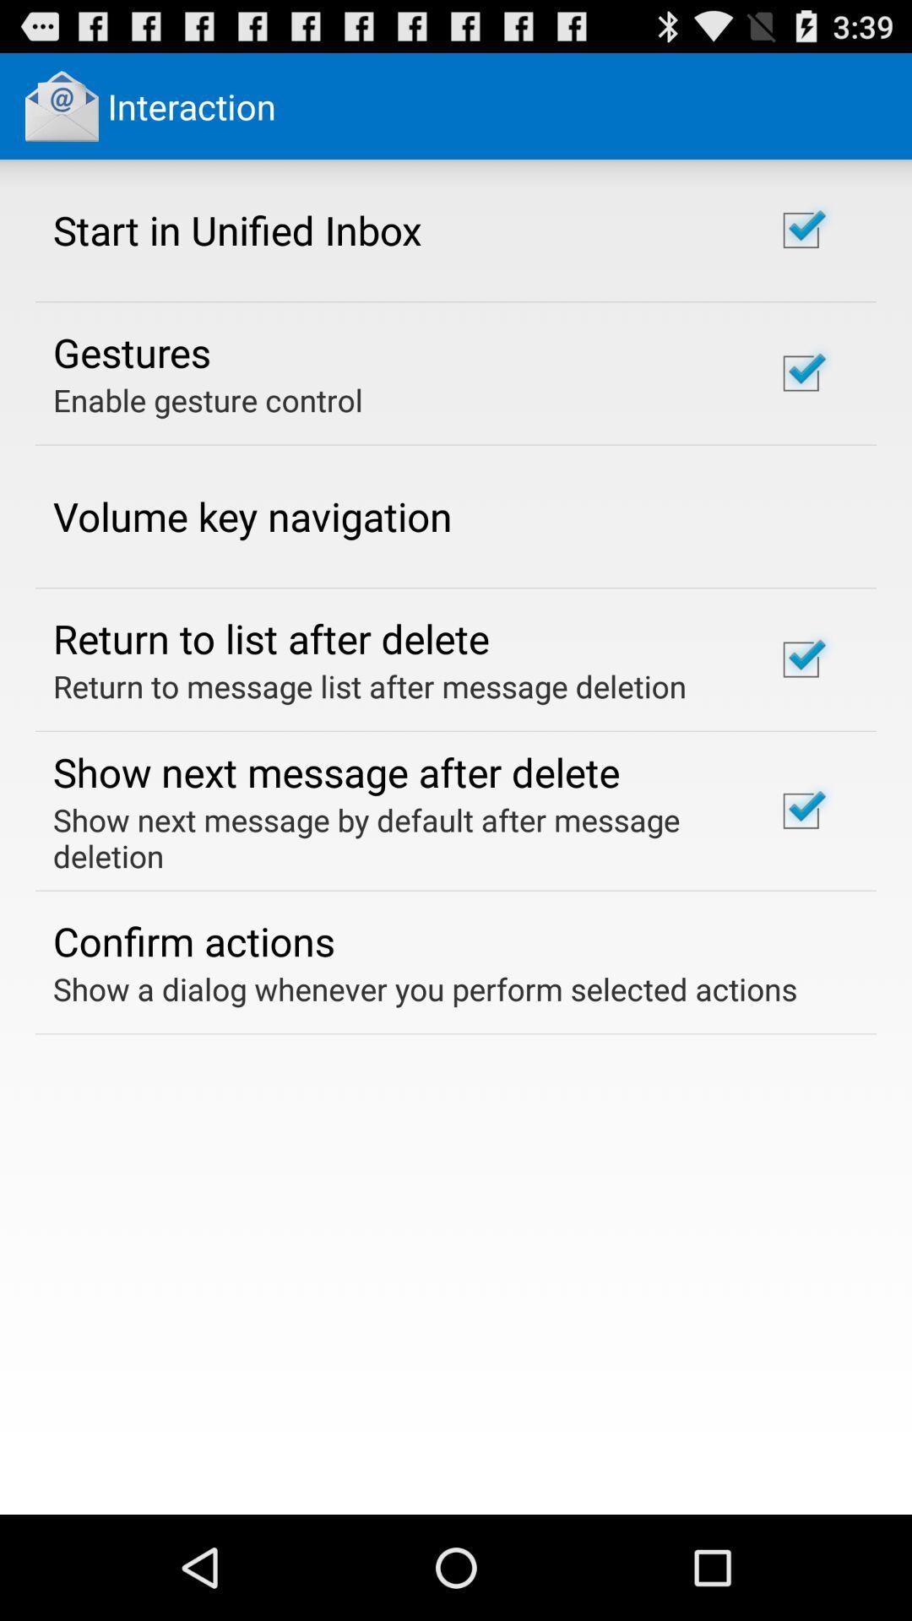 The width and height of the screenshot is (912, 1621). I want to click on show a dialog, so click(424, 989).